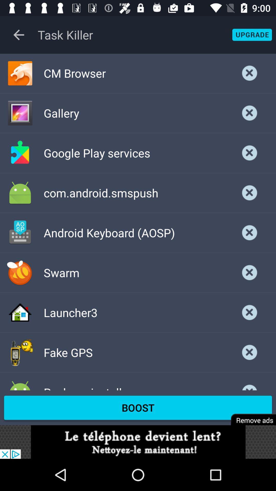 The width and height of the screenshot is (276, 491). What do you see at coordinates (249, 352) in the screenshot?
I see `remove section` at bounding box center [249, 352].